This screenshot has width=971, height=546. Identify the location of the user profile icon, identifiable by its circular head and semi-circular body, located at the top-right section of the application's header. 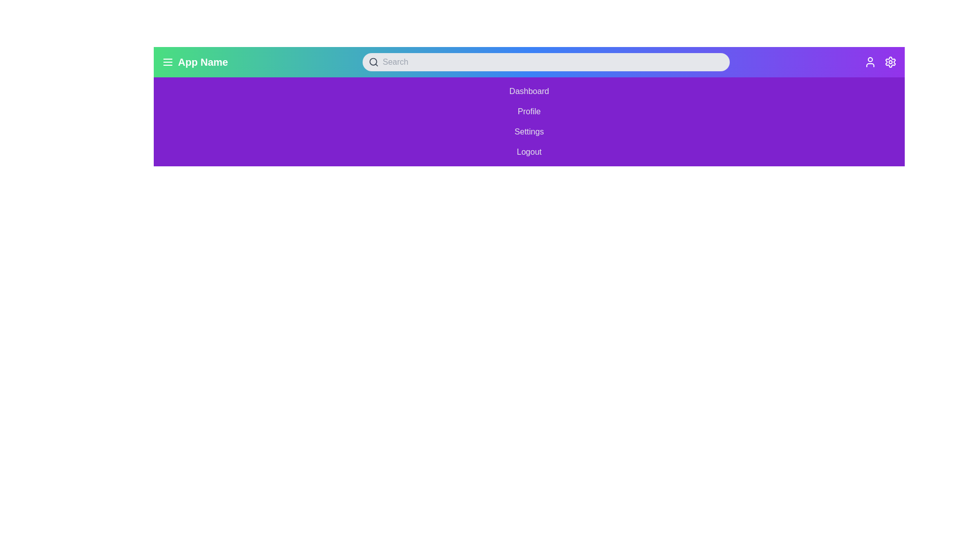
(870, 62).